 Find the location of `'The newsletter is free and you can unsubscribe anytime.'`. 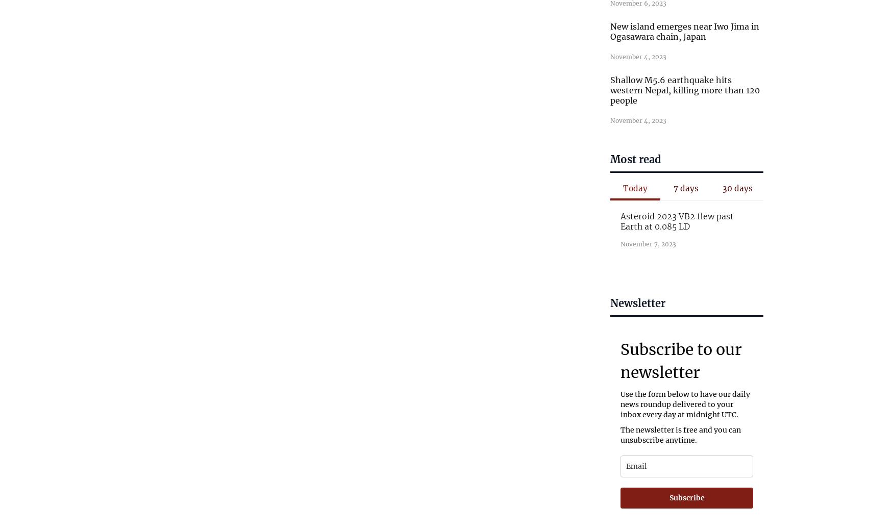

'The newsletter is free and you can unsubscribe anytime.' is located at coordinates (681, 435).